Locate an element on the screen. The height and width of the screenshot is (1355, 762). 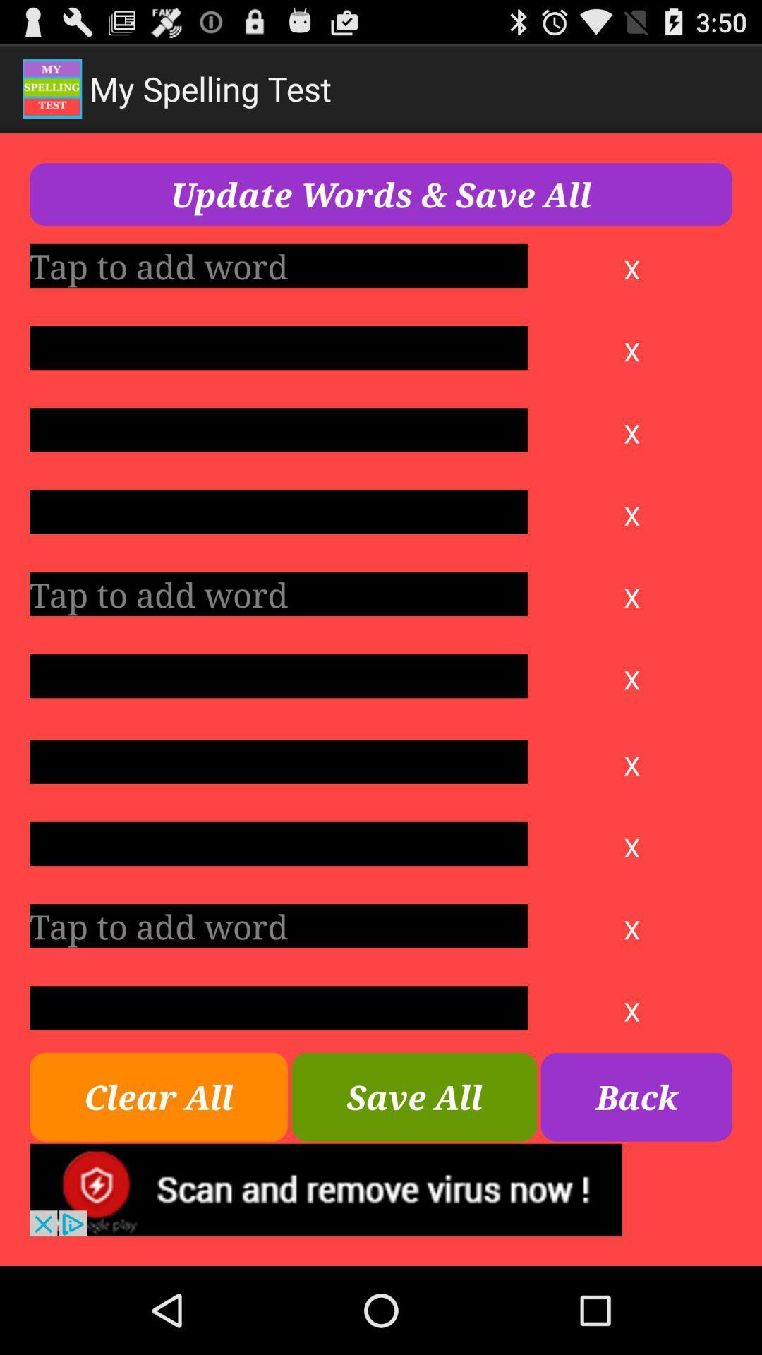
search box is located at coordinates (278, 843).